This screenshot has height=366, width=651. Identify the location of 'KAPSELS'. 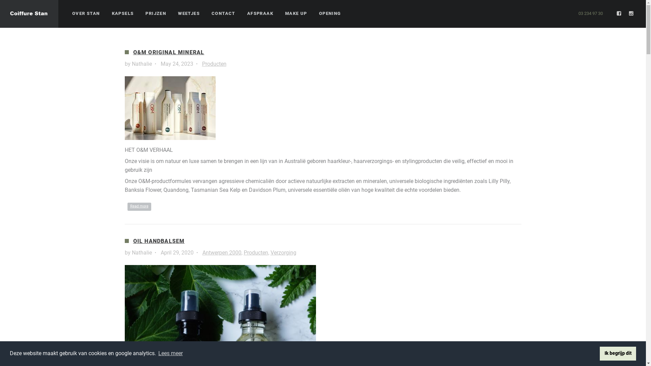
(123, 14).